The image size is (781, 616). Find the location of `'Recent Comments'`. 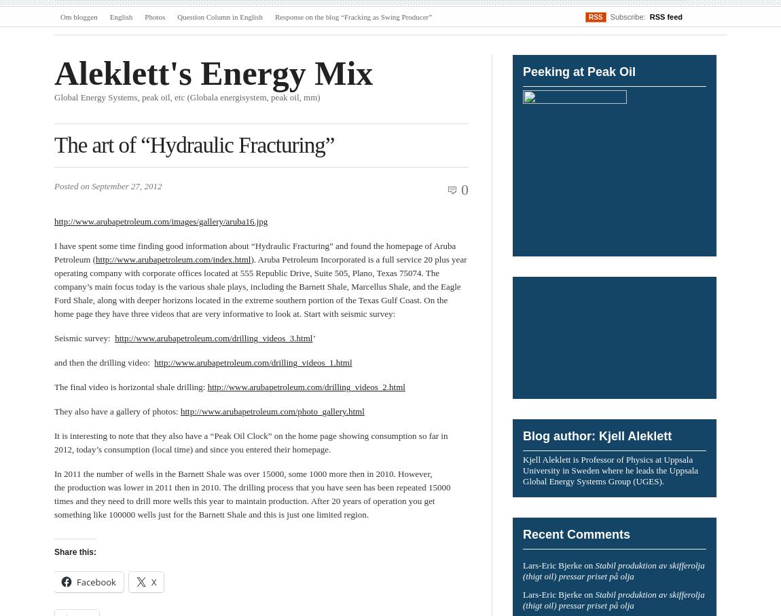

'Recent Comments' is located at coordinates (522, 533).